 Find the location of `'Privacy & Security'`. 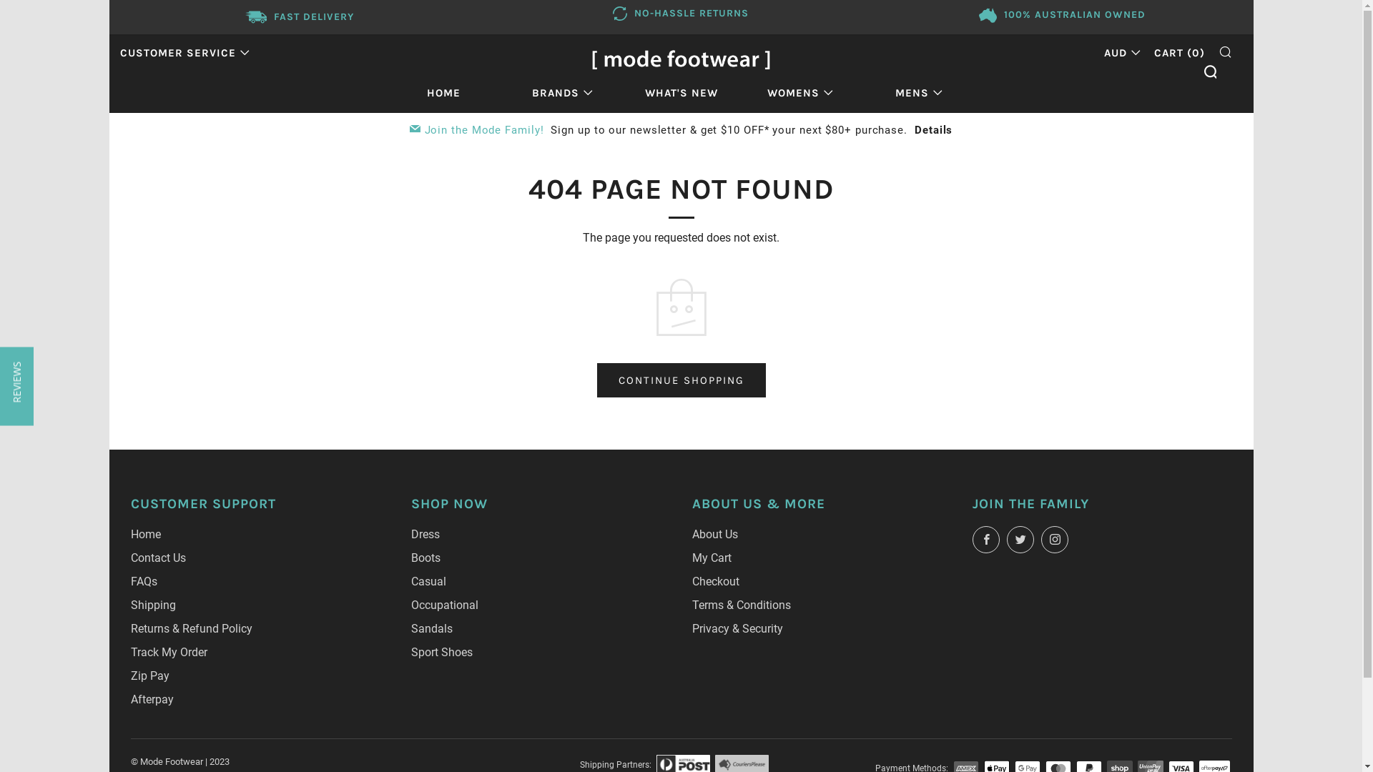

'Privacy & Security' is located at coordinates (737, 628).